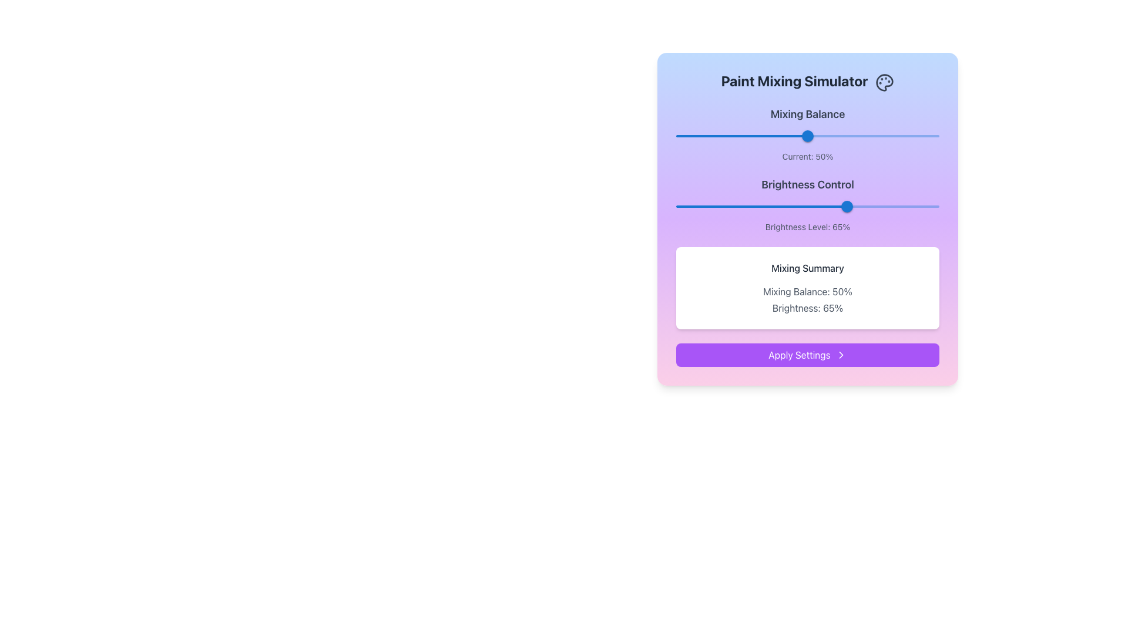  Describe the element at coordinates (918, 205) in the screenshot. I see `brightness level` at that location.